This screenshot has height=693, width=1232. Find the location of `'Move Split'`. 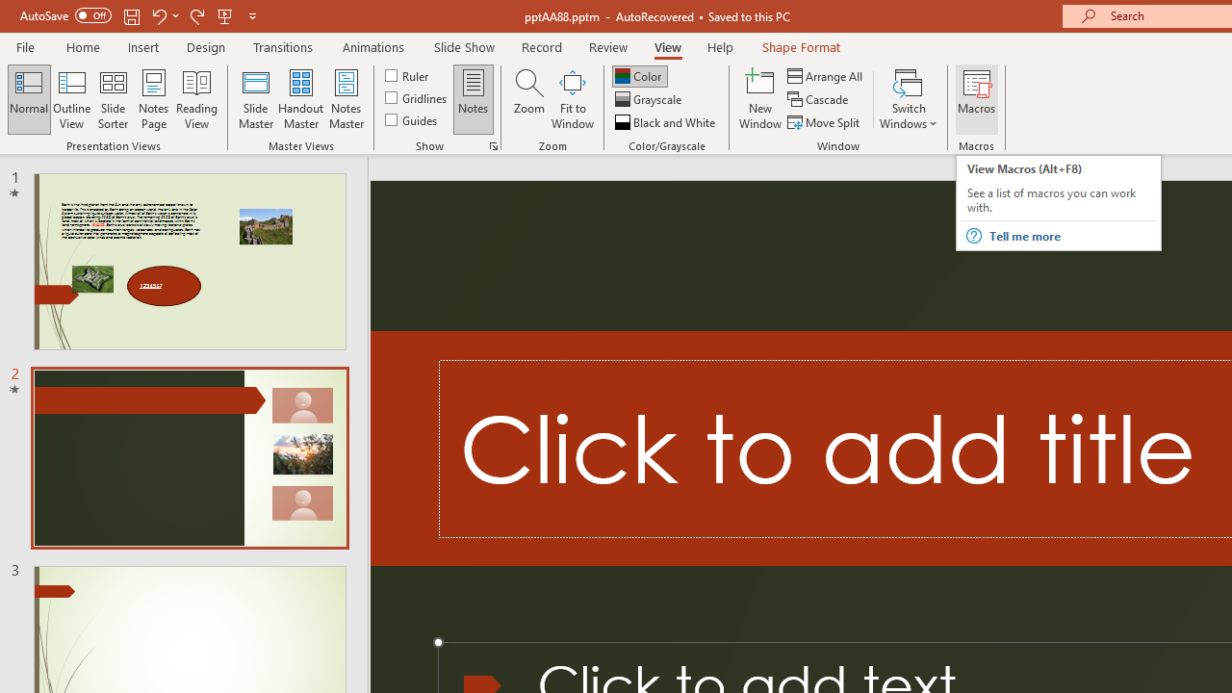

'Move Split' is located at coordinates (825, 122).